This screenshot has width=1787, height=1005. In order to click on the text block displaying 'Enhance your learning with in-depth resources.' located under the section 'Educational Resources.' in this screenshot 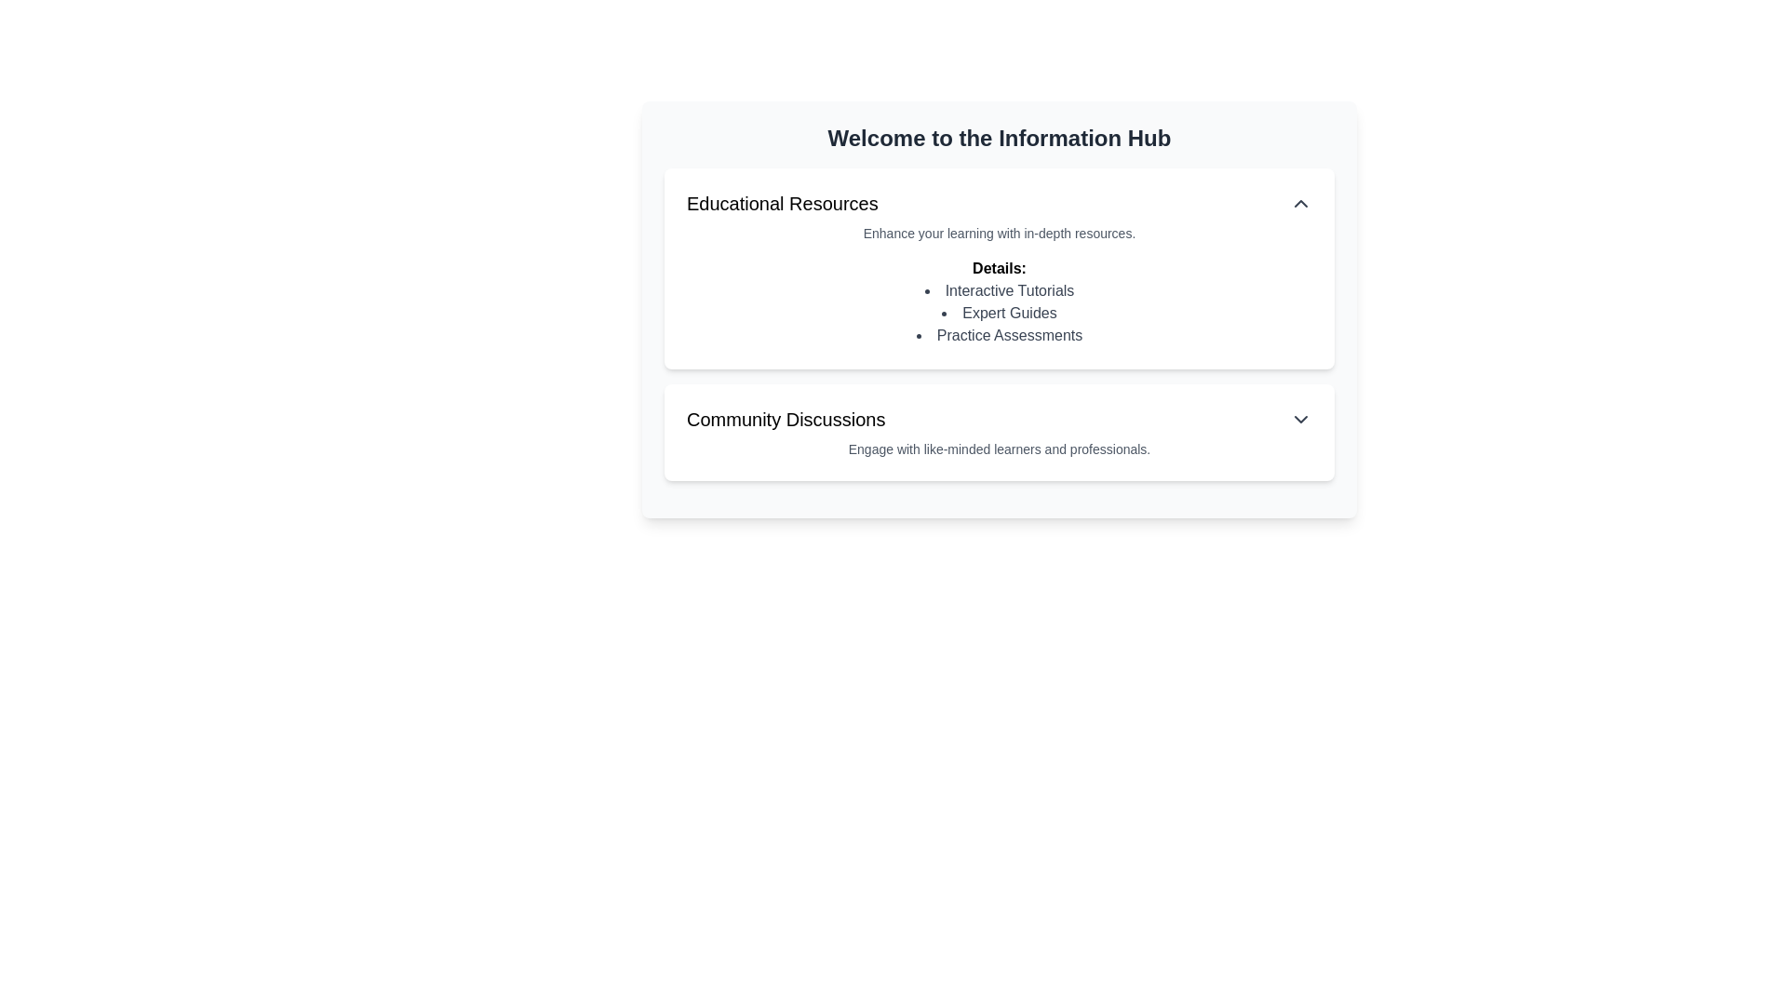, I will do `click(999, 232)`.